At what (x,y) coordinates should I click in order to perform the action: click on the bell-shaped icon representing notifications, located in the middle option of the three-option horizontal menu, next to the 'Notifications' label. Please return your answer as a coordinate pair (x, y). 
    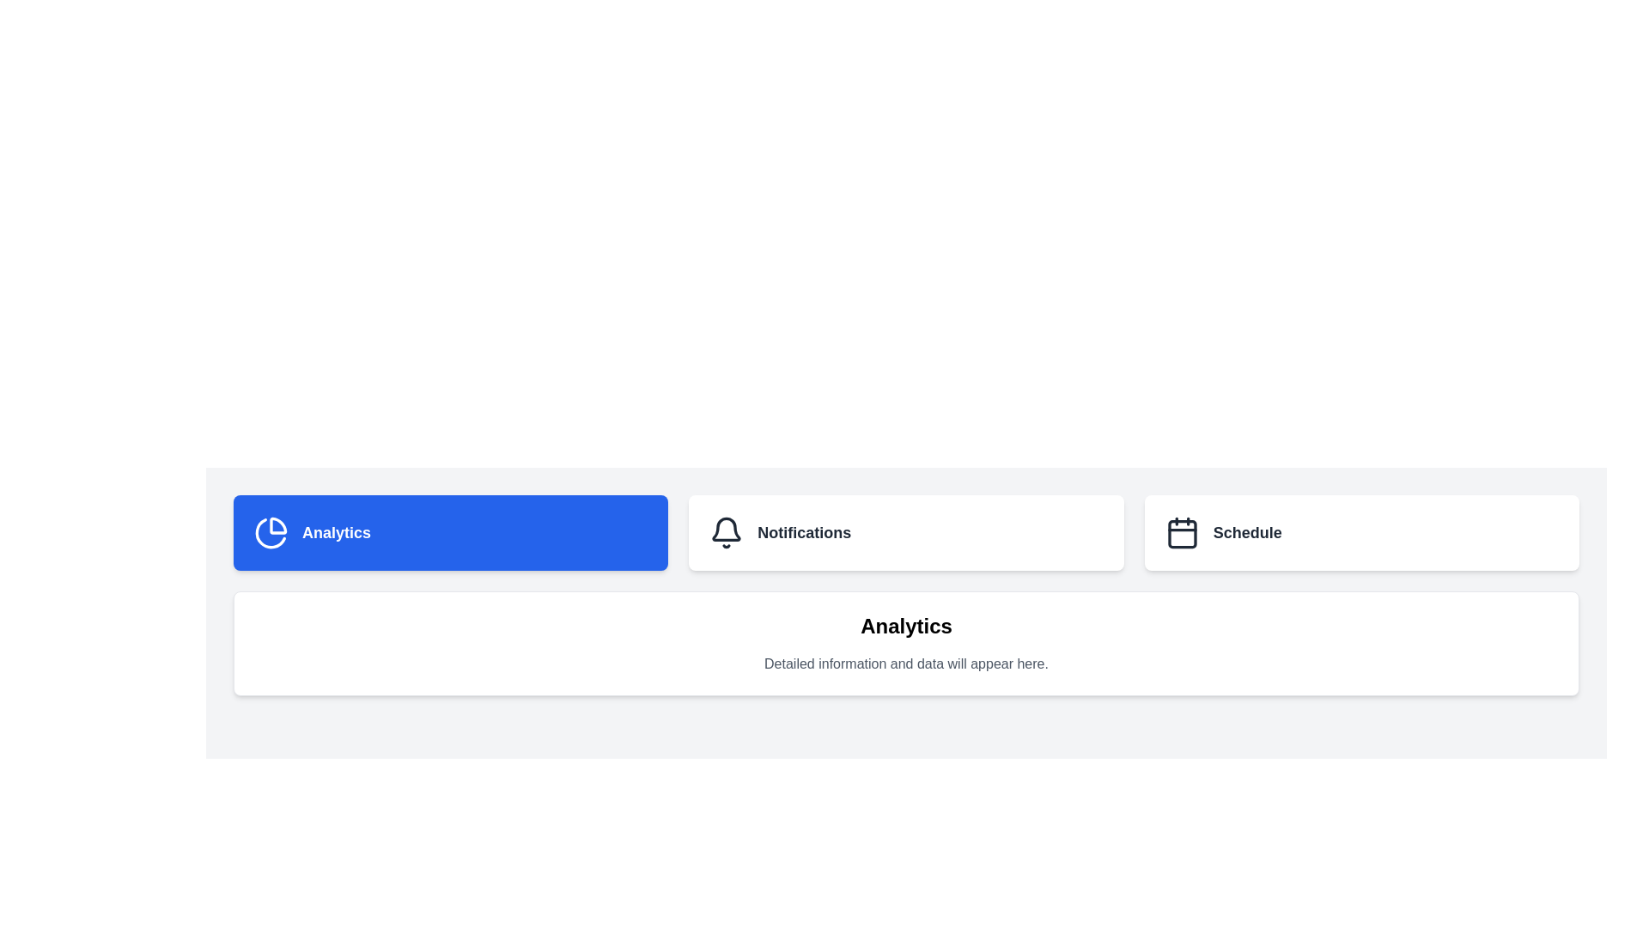
    Looking at the image, I should click on (727, 532).